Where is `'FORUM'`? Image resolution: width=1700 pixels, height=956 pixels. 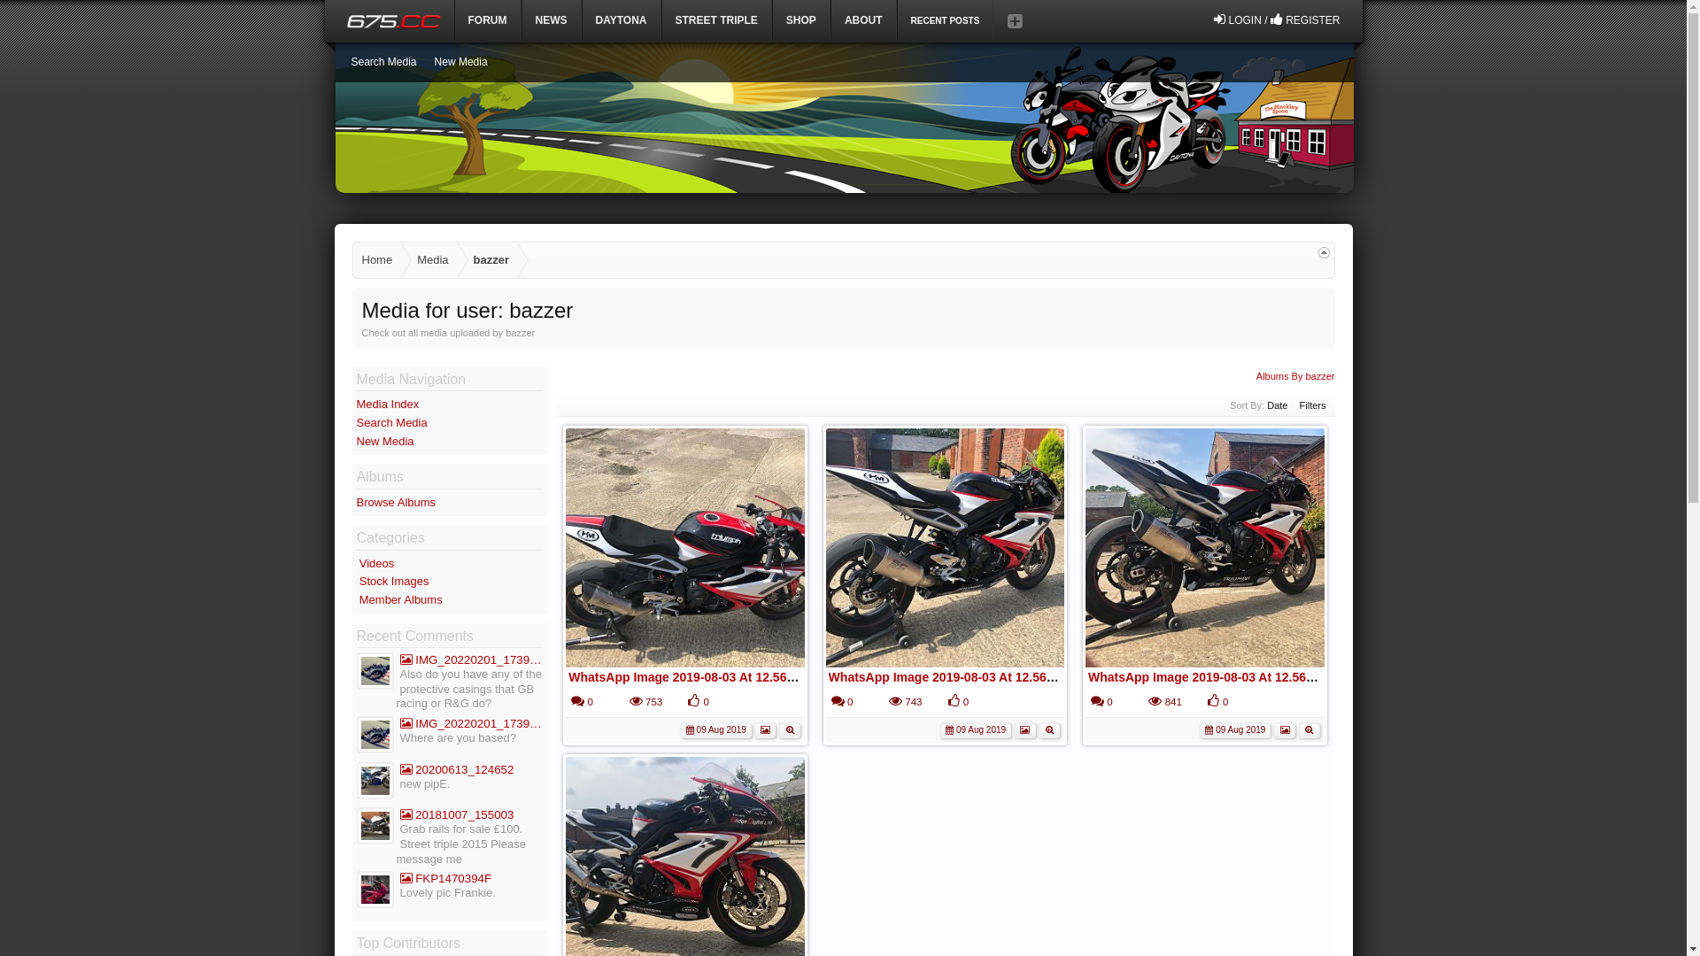 'FORUM' is located at coordinates (454, 19).